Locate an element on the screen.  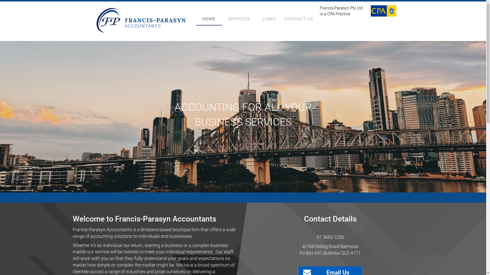
'07 3893 1250' is located at coordinates (330, 237).